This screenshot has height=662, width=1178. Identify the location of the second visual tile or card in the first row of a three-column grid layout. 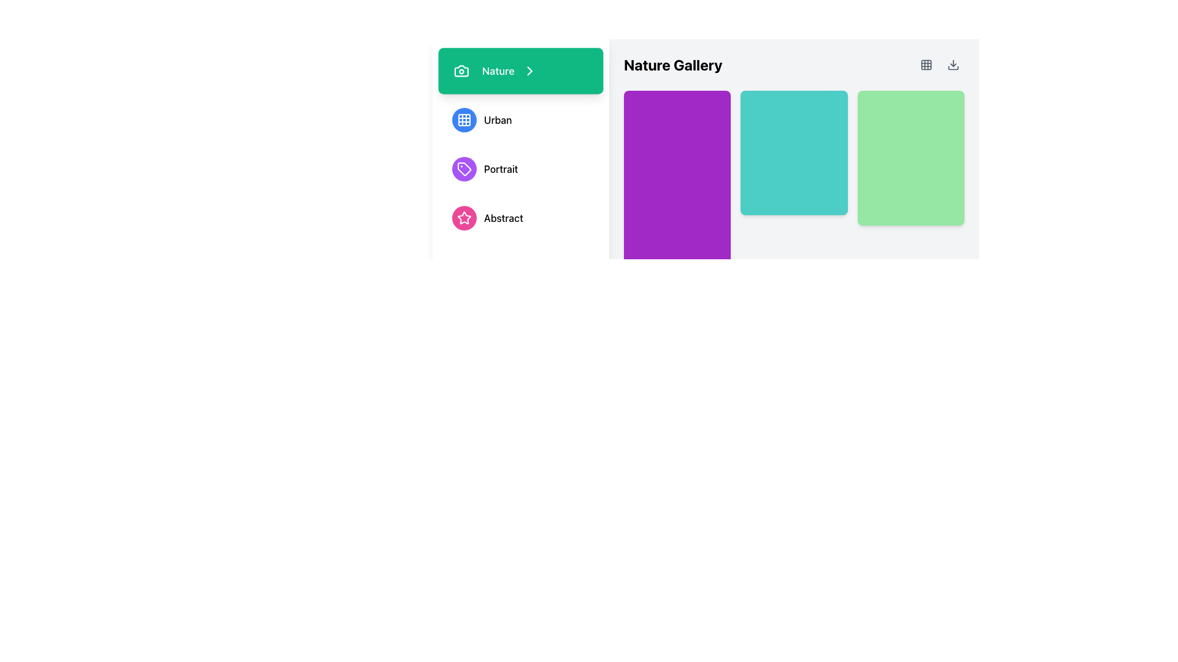
(794, 152).